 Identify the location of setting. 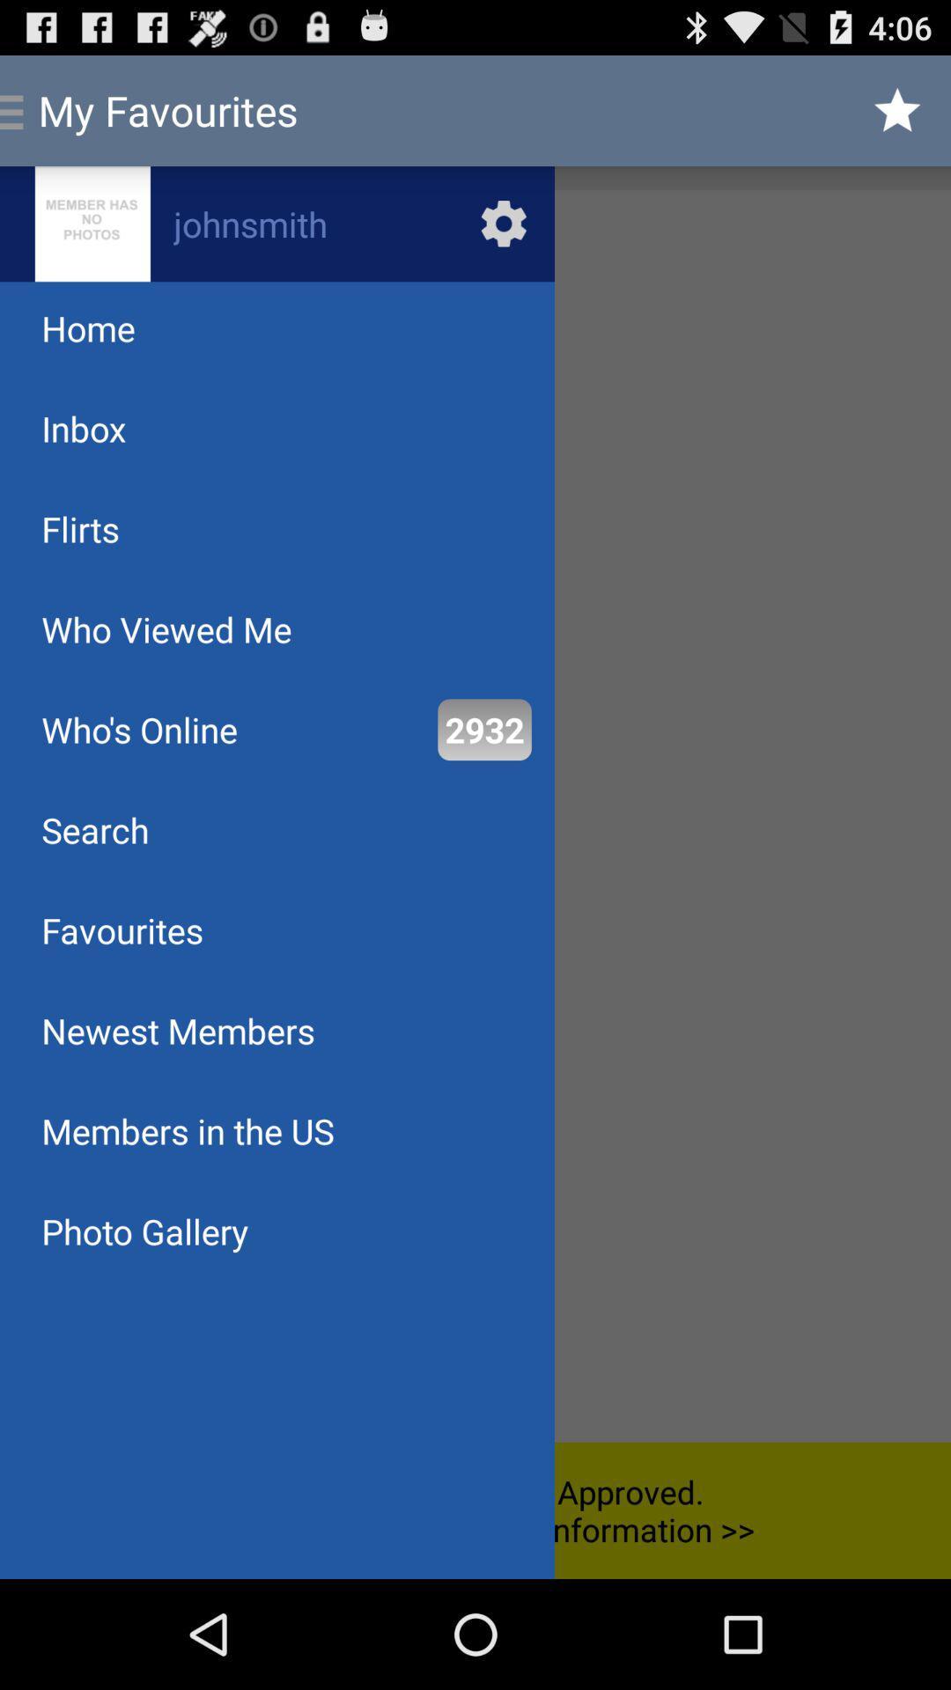
(277, 223).